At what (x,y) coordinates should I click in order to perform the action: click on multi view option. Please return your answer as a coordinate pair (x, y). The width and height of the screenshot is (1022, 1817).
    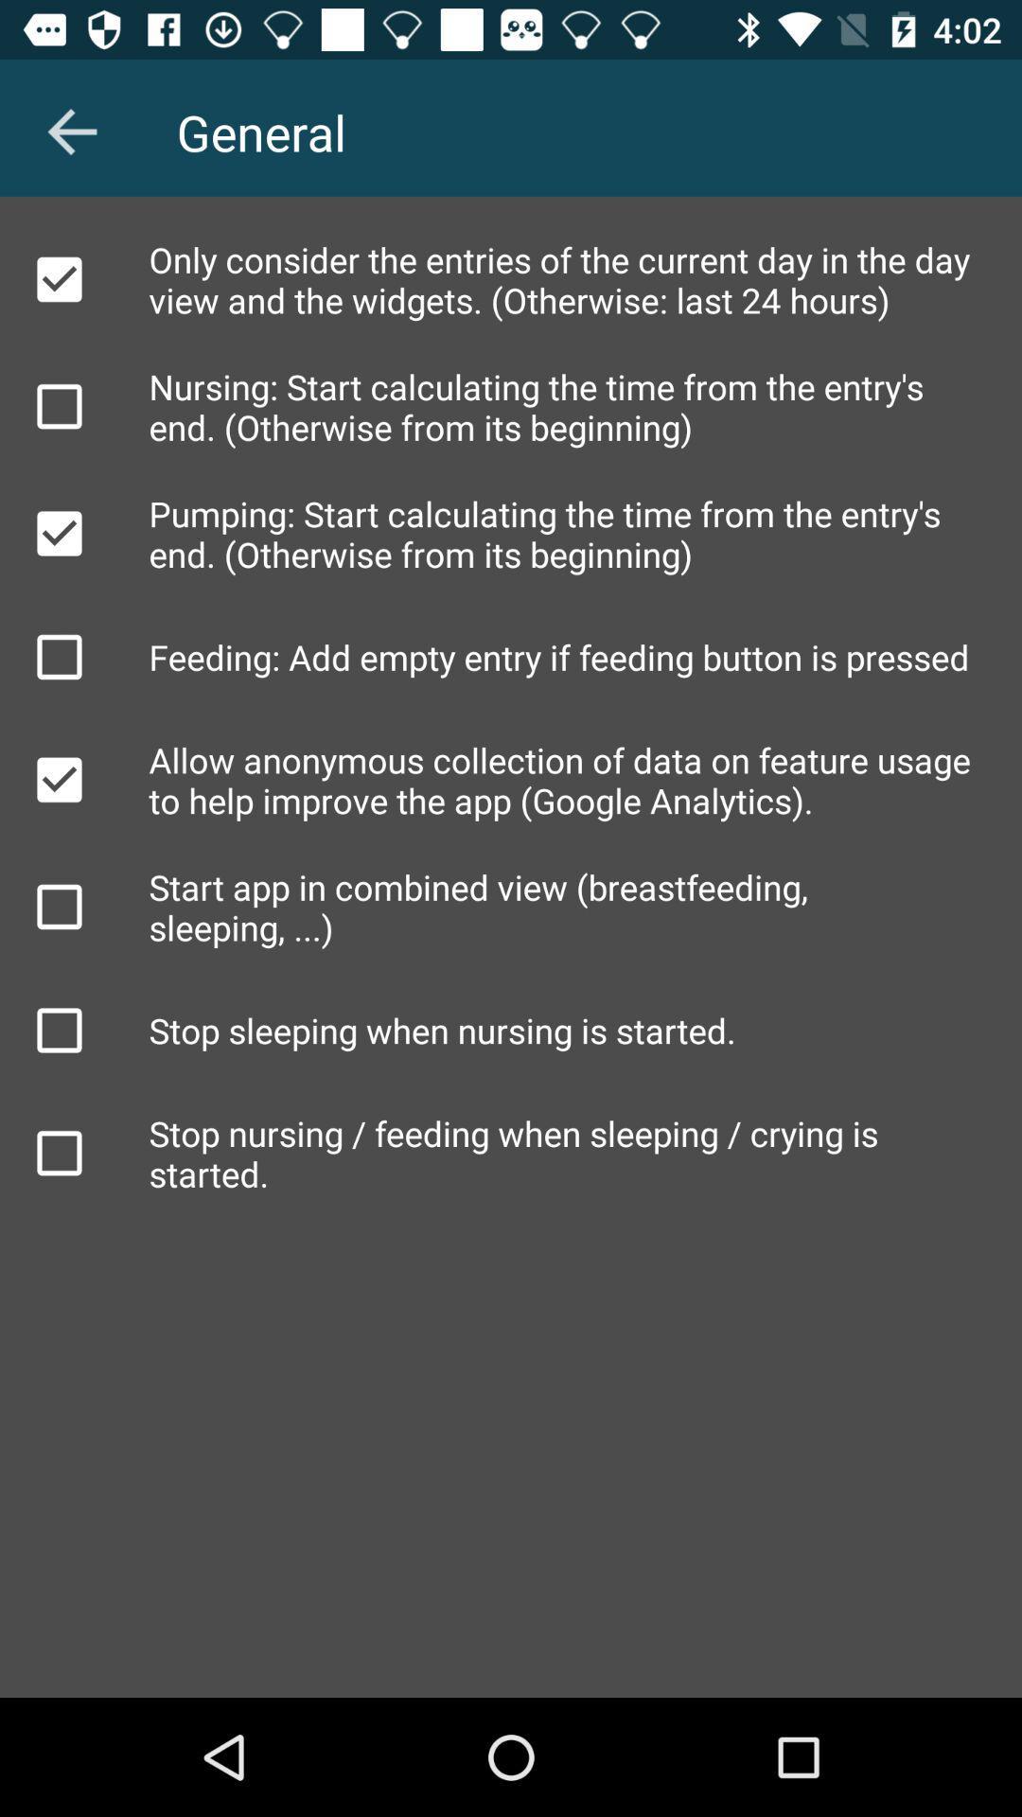
    Looking at the image, I should click on (58, 906).